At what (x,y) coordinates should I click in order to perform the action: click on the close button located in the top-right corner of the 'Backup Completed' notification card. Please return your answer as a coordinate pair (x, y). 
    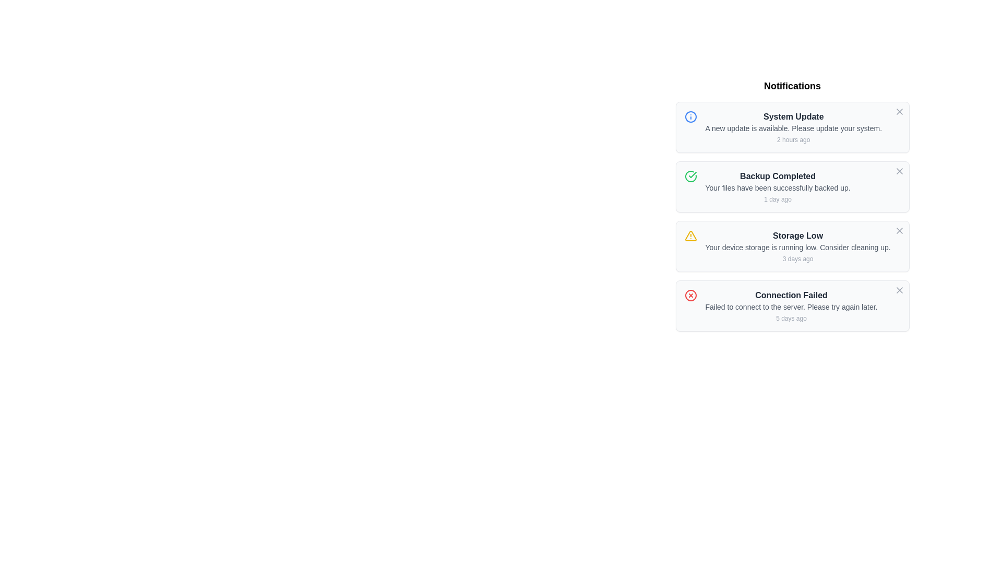
    Looking at the image, I should click on (899, 170).